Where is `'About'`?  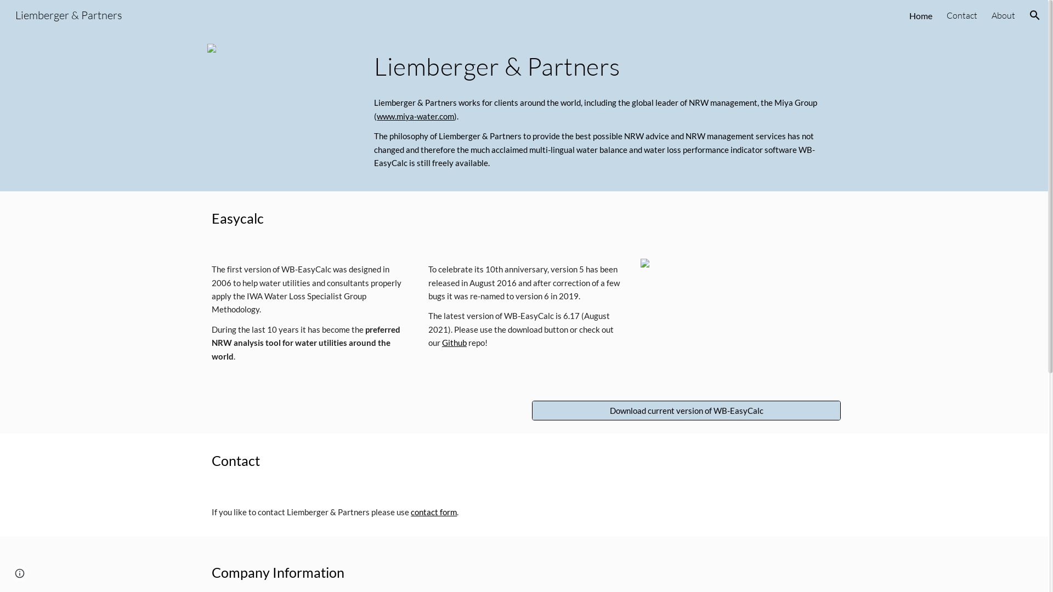 'About' is located at coordinates (992, 15).